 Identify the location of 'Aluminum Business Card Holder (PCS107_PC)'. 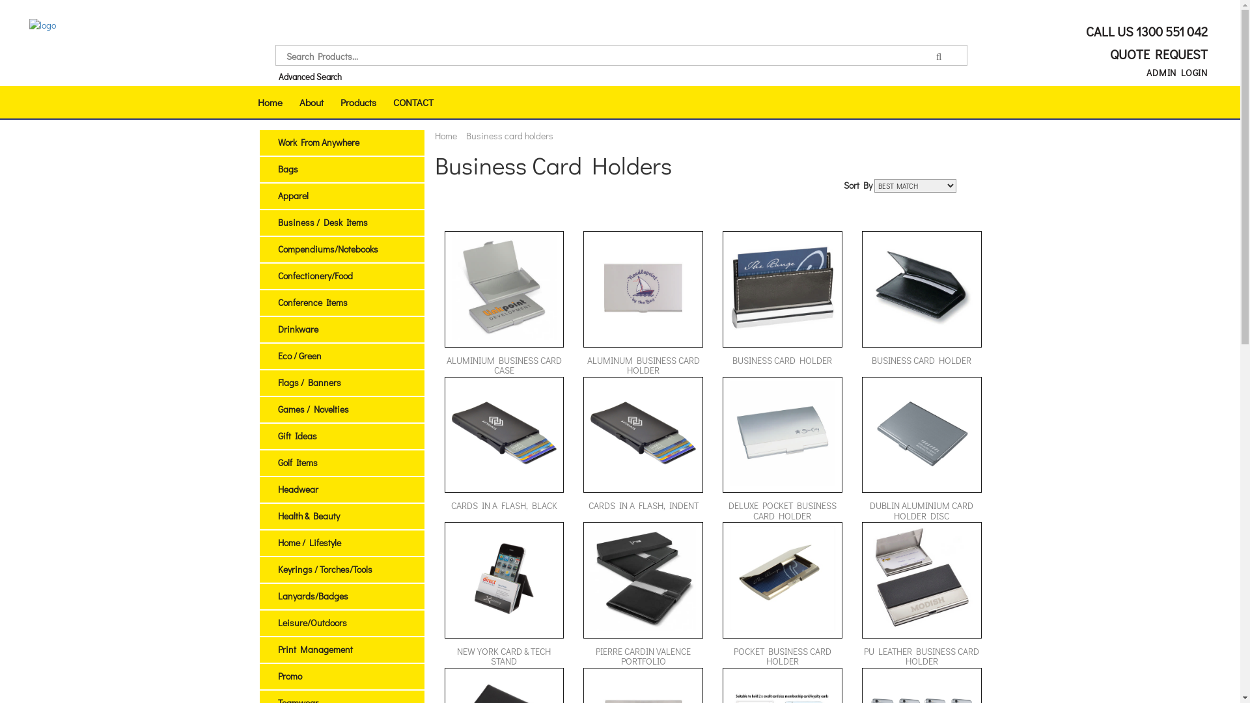
(643, 287).